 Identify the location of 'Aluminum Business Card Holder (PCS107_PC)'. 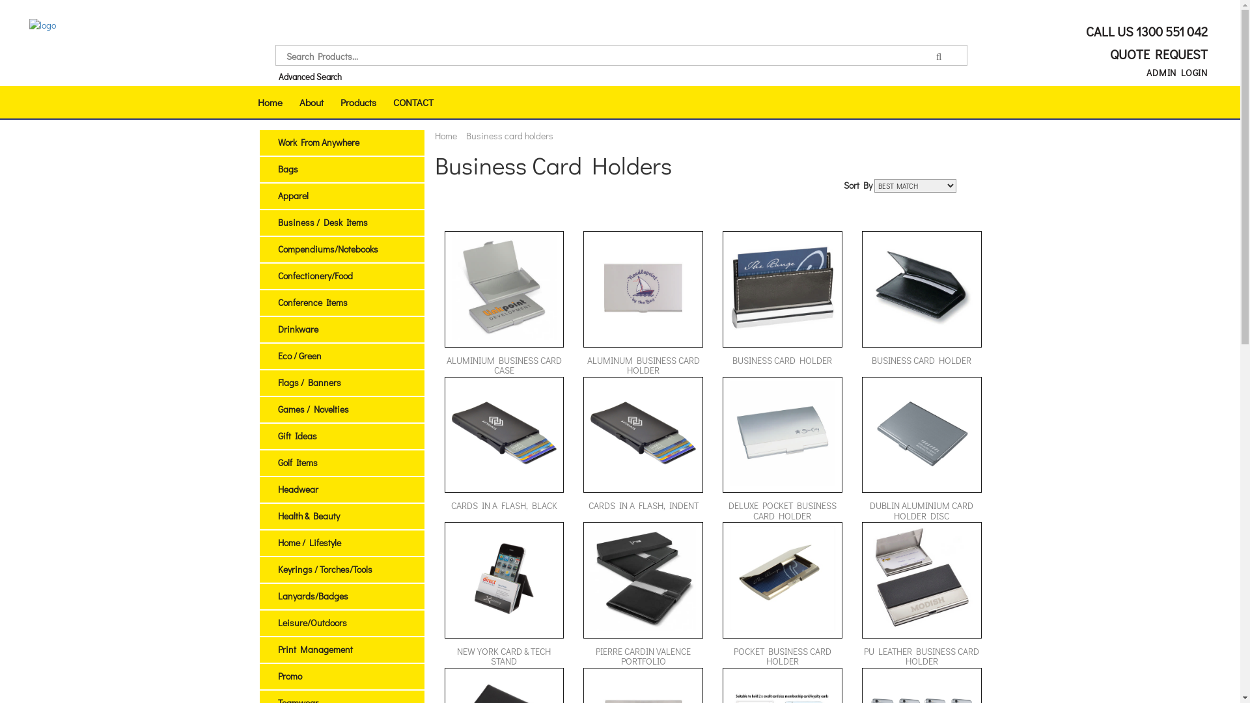
(643, 287).